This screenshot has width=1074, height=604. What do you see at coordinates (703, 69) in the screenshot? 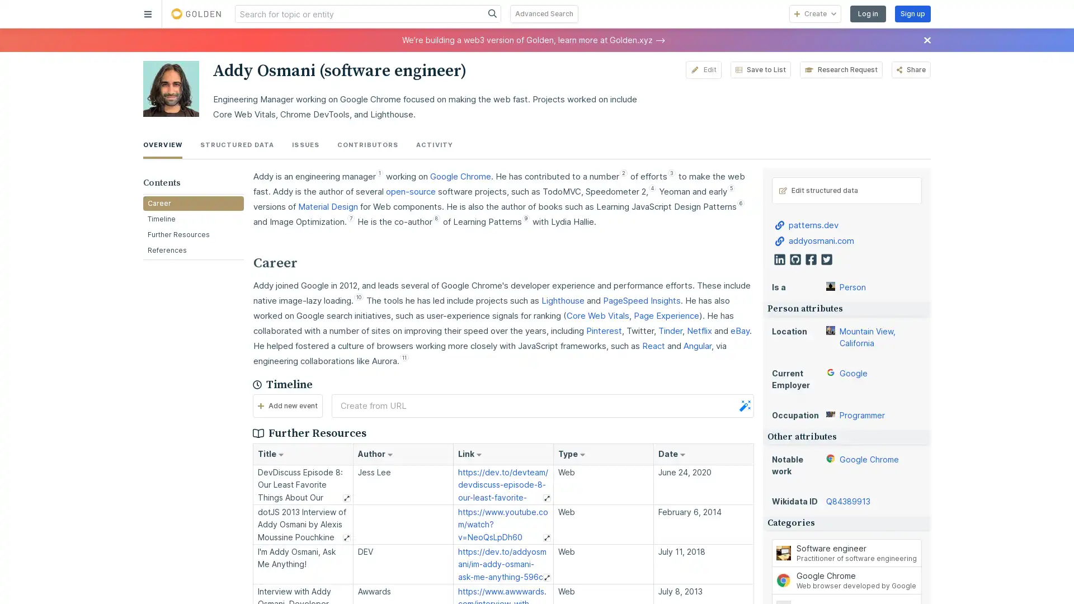
I see `Edit` at bounding box center [703, 69].